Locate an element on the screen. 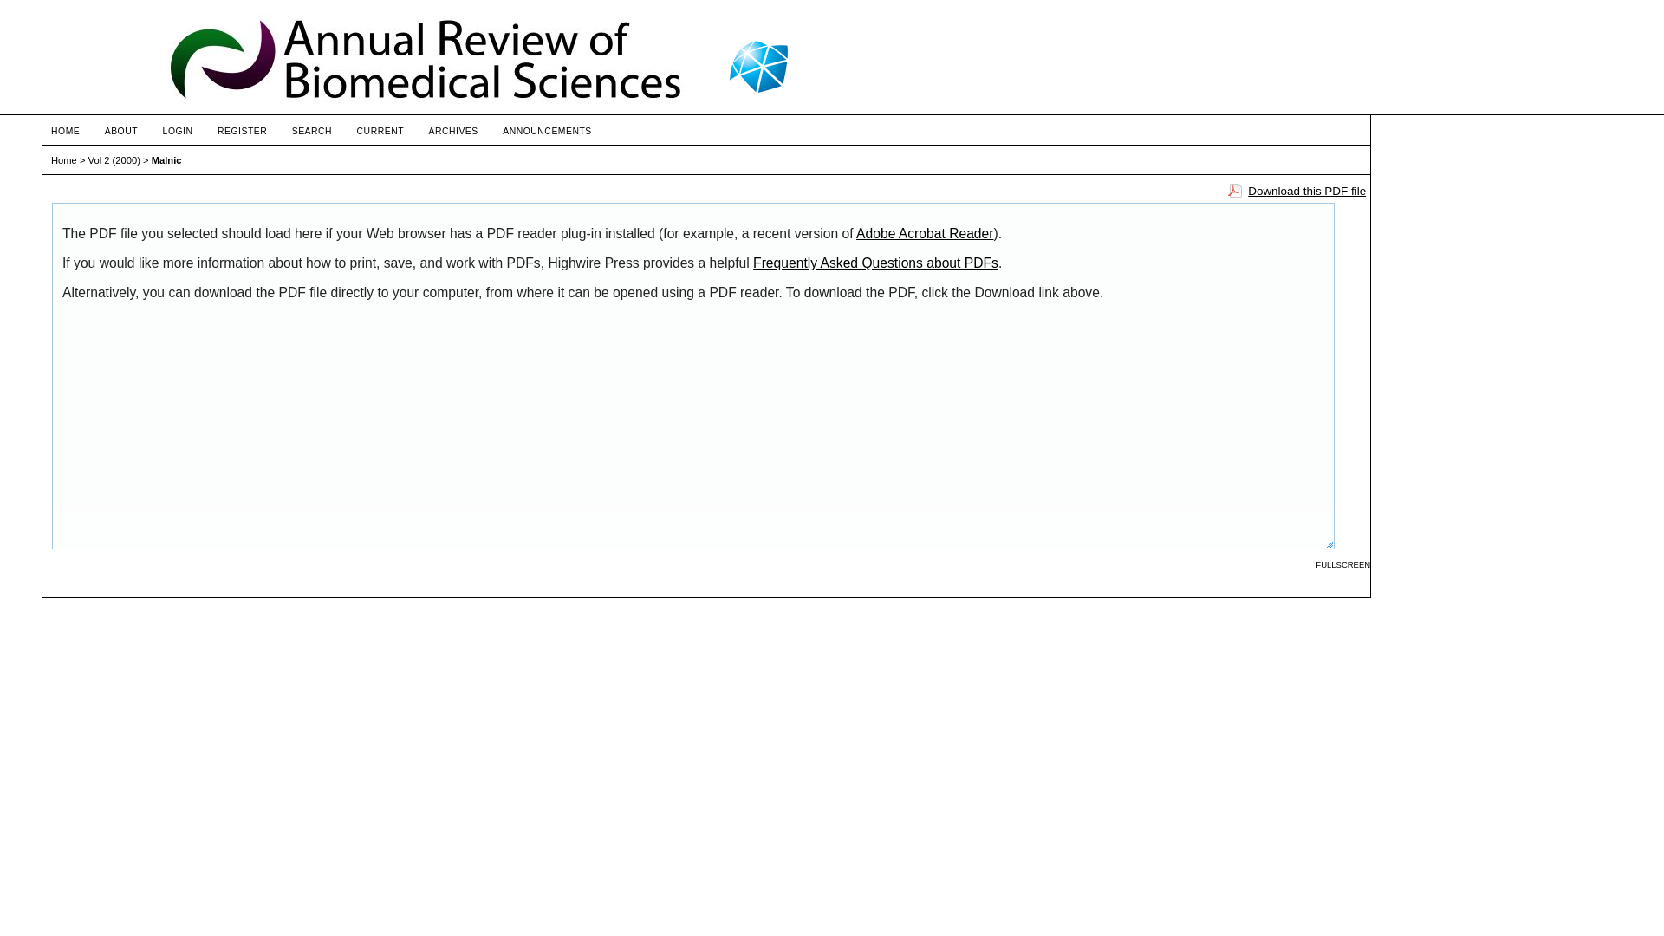 Image resolution: width=1664 pixels, height=936 pixels. 'ABOUT' is located at coordinates (120, 130).